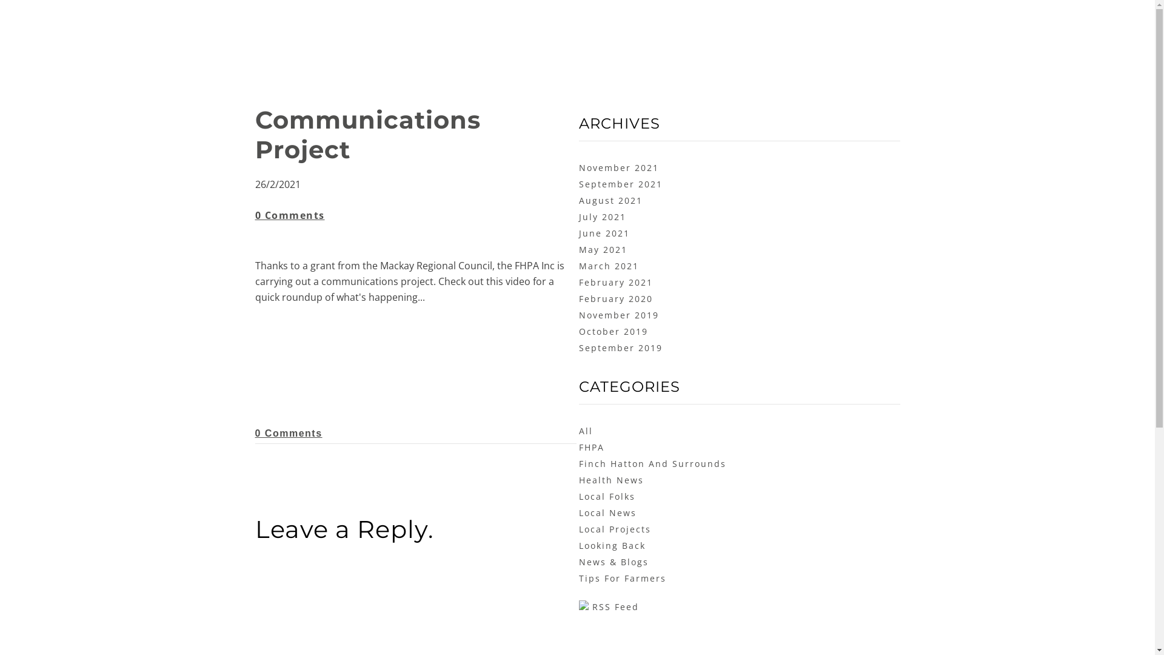  What do you see at coordinates (606, 496) in the screenshot?
I see `'Local Folks'` at bounding box center [606, 496].